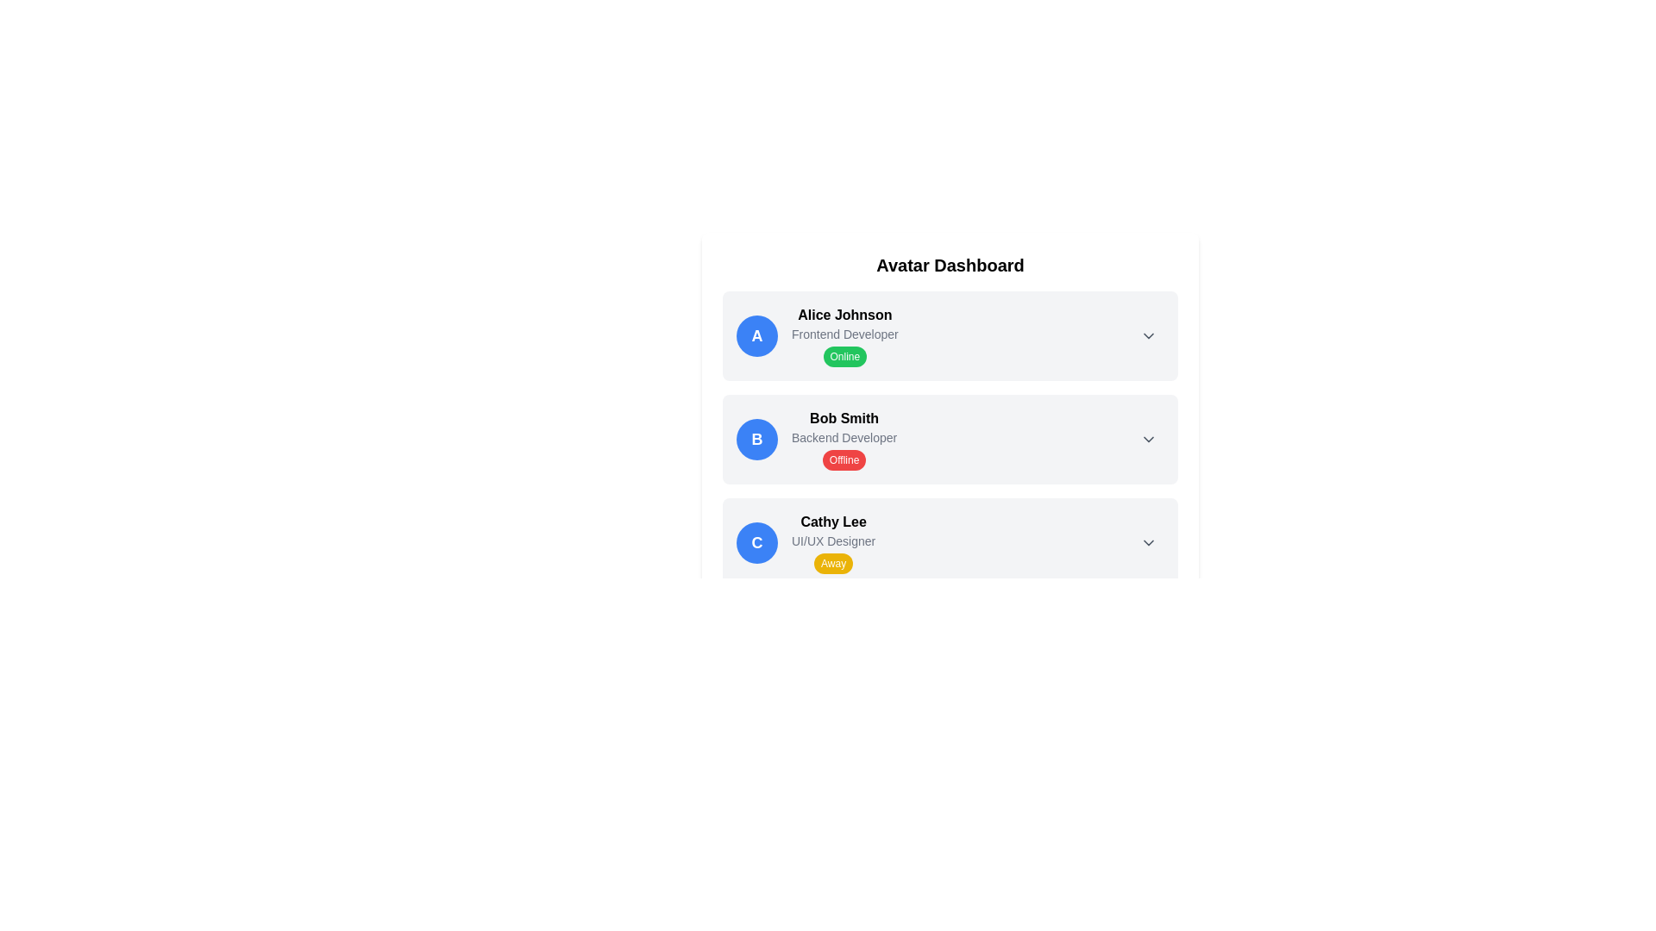  I want to click on the circular badge with a bold white letter 'B' on a blue background, located to the left of the 'Bob Smith' profile entry, so click(757, 438).